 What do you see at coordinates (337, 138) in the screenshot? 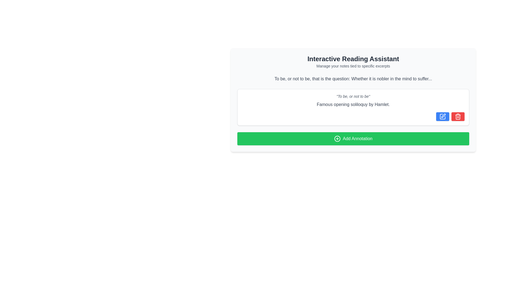
I see `circular graphical icon located at the center of the green rectangular button for adding annotations, positioned at the bottom of the interface` at bounding box center [337, 138].